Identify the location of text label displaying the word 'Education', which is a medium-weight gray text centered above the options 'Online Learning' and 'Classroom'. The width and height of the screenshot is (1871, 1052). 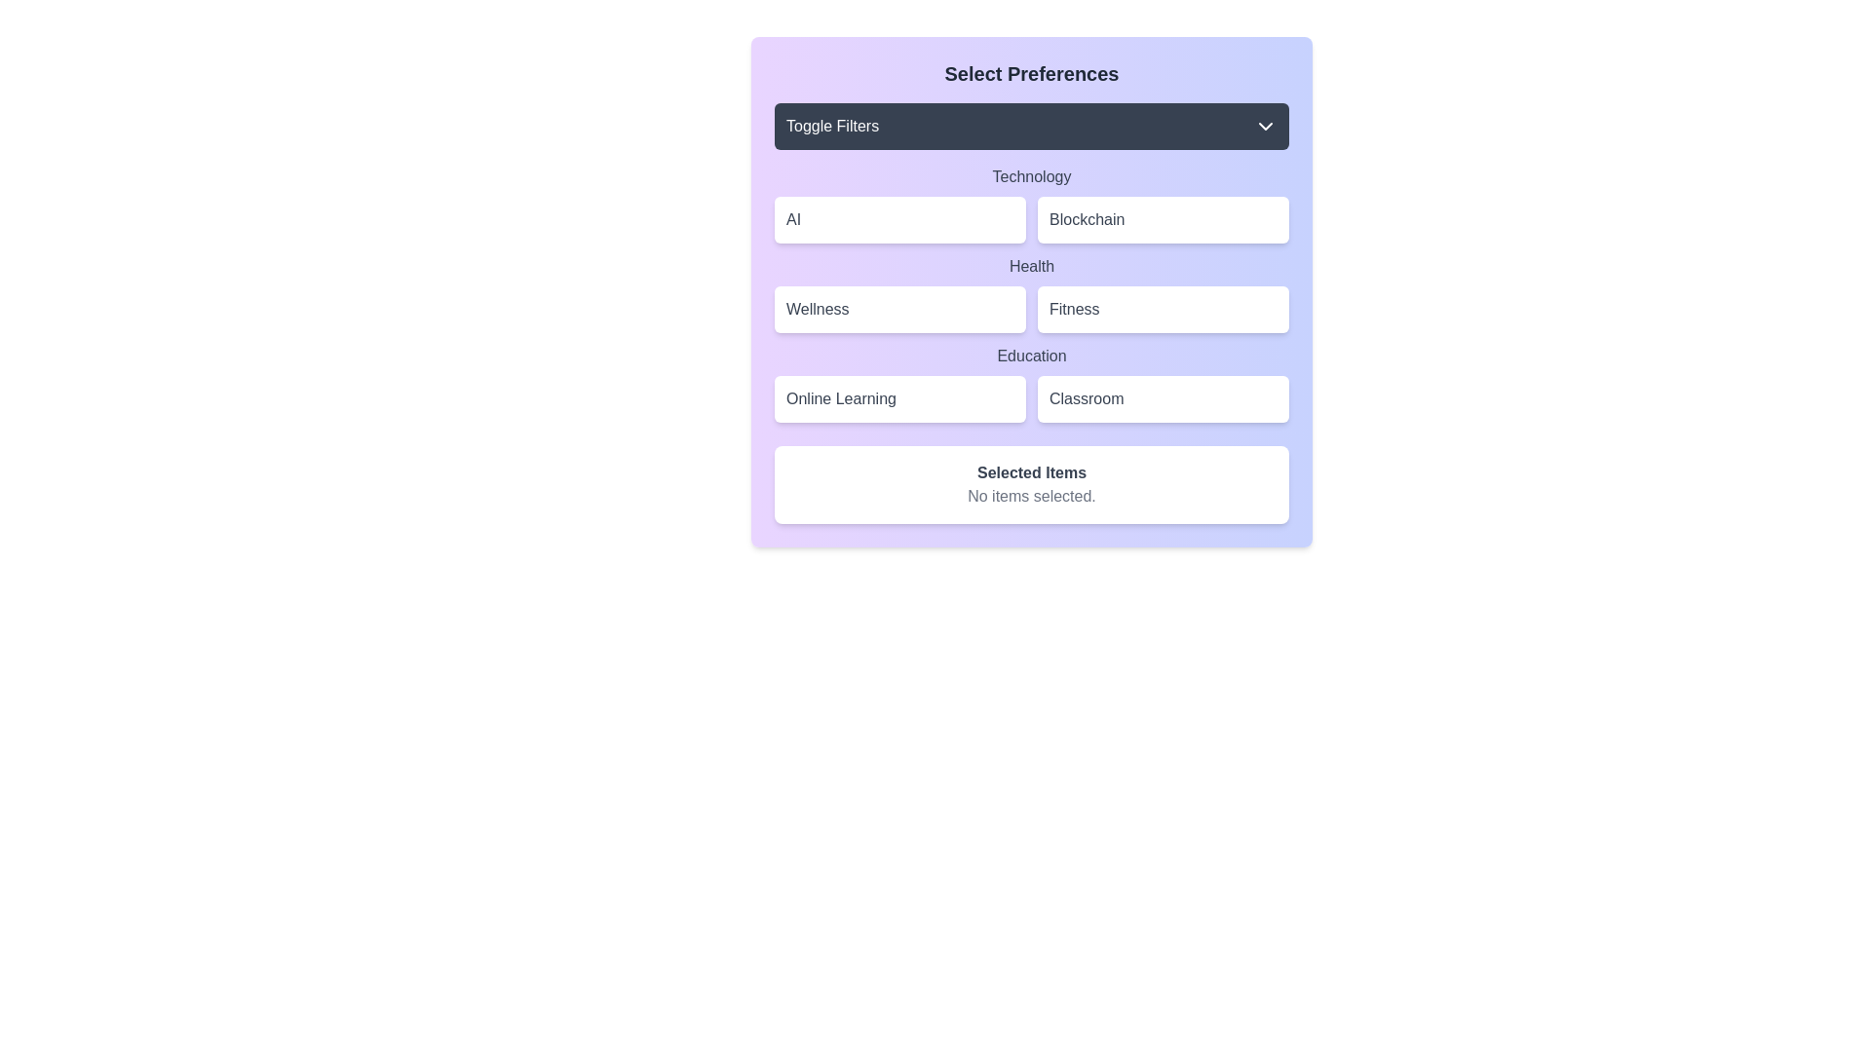
(1031, 357).